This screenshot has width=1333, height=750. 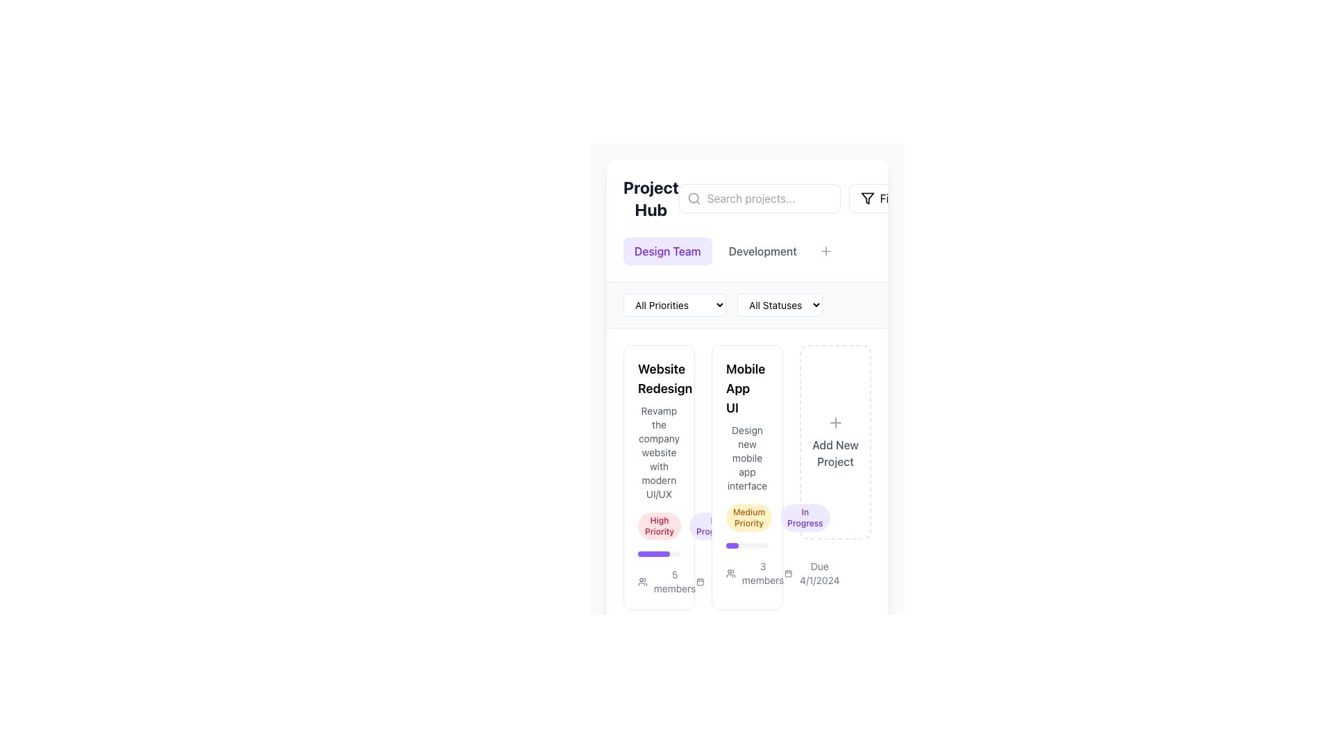 I want to click on the dropdown menus labeled 'All Priorities' and 'All Statuses' which are styled with light gray borders and rounded corners, positioned below the 'Design Team' and 'Development' labels, so click(x=746, y=304).